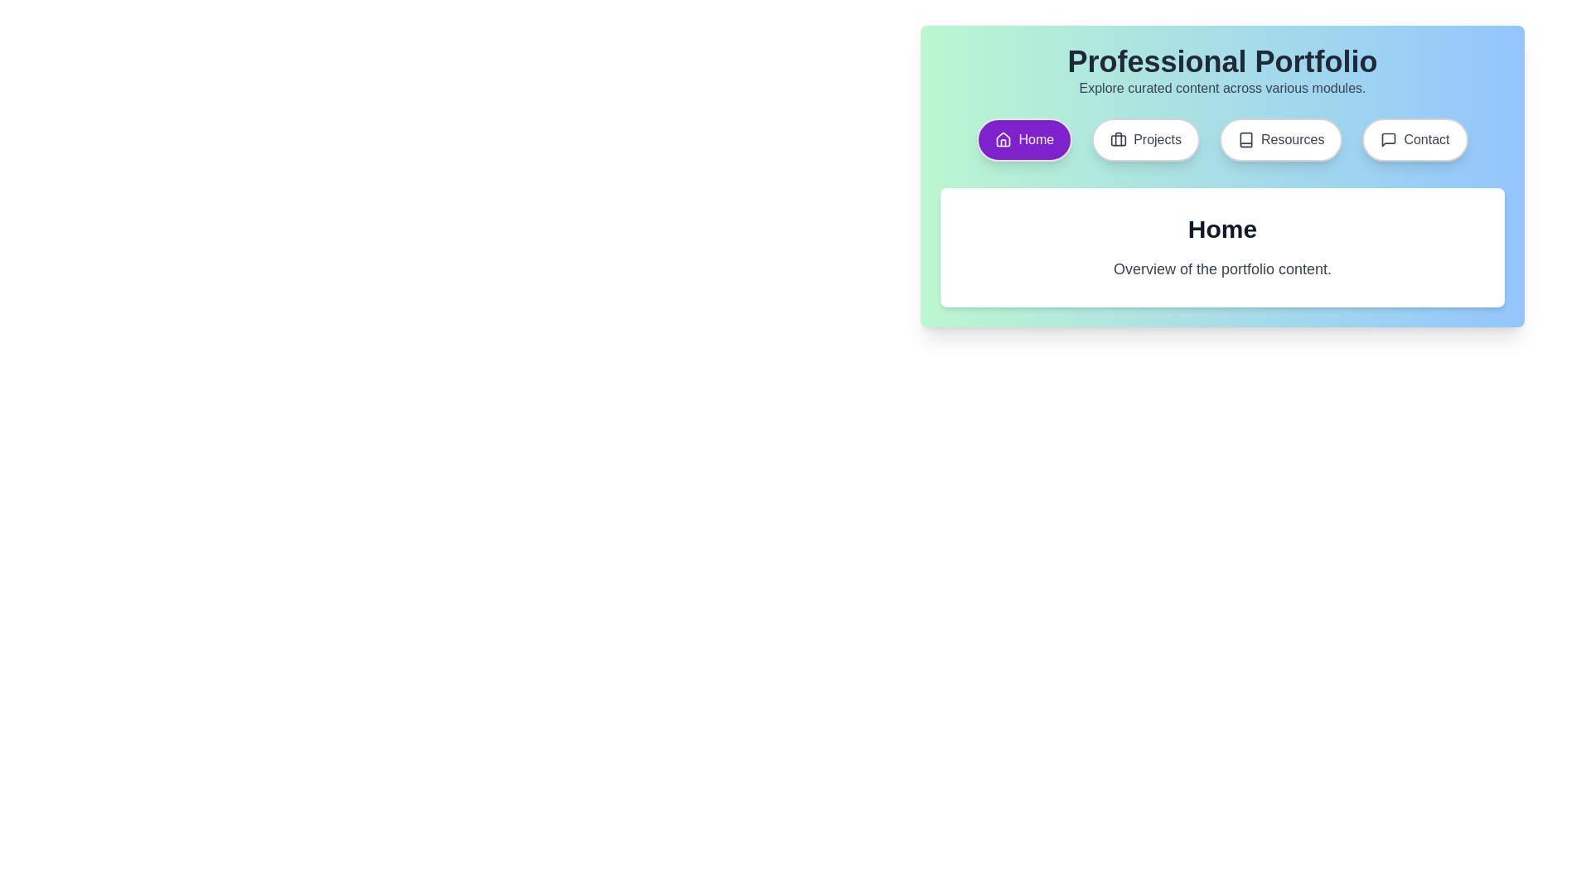 This screenshot has height=895, width=1591. Describe the element at coordinates (1414, 139) in the screenshot. I see `the Contact tab to view its content` at that location.